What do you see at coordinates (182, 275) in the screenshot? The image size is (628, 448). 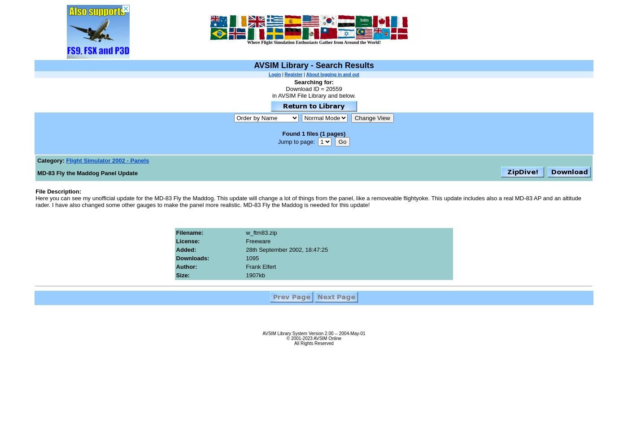 I see `'Size:'` at bounding box center [182, 275].